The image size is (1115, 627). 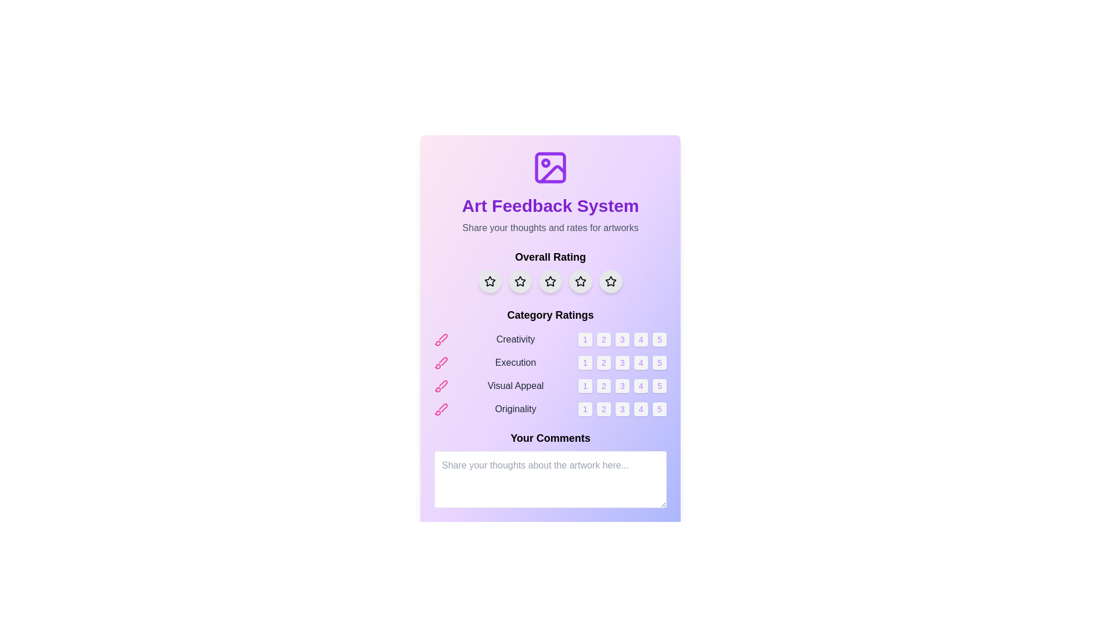 I want to click on the second button in the row under the 'Creativity' category to assign a rating of '2', so click(x=604, y=340).